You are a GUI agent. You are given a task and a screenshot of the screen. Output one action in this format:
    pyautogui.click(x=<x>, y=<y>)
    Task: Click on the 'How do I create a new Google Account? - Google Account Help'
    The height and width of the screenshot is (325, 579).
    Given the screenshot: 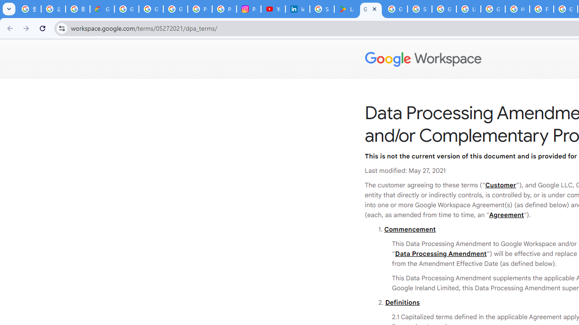 What is the action you would take?
    pyautogui.click(x=517, y=9)
    